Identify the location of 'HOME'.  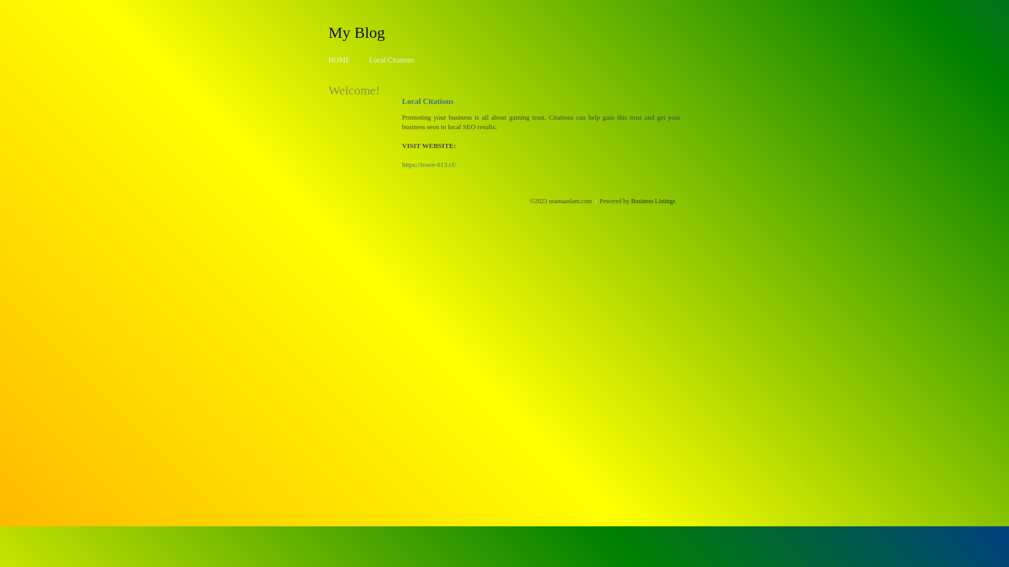
(339, 60).